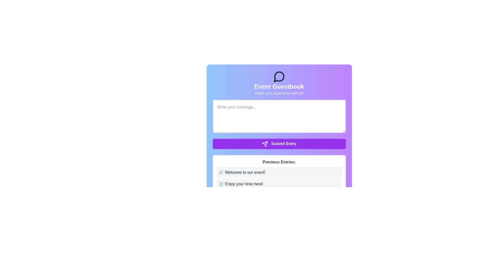 The width and height of the screenshot is (484, 272). I want to click on the paper plane icon positioned inside the 'Submit Entry' button, which features a purple background and white strokes, so click(265, 144).